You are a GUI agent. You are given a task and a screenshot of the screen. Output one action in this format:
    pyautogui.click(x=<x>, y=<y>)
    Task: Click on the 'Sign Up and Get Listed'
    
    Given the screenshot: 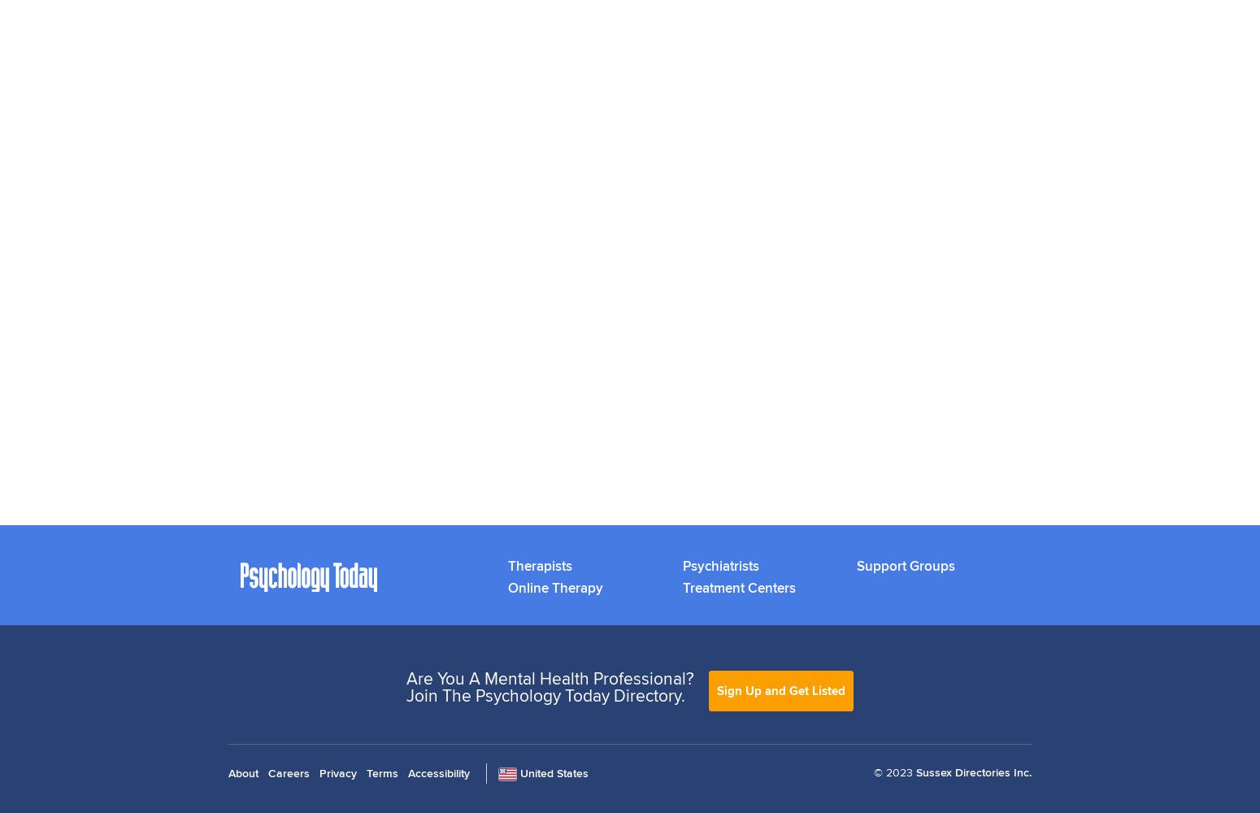 What is the action you would take?
    pyautogui.click(x=780, y=689)
    